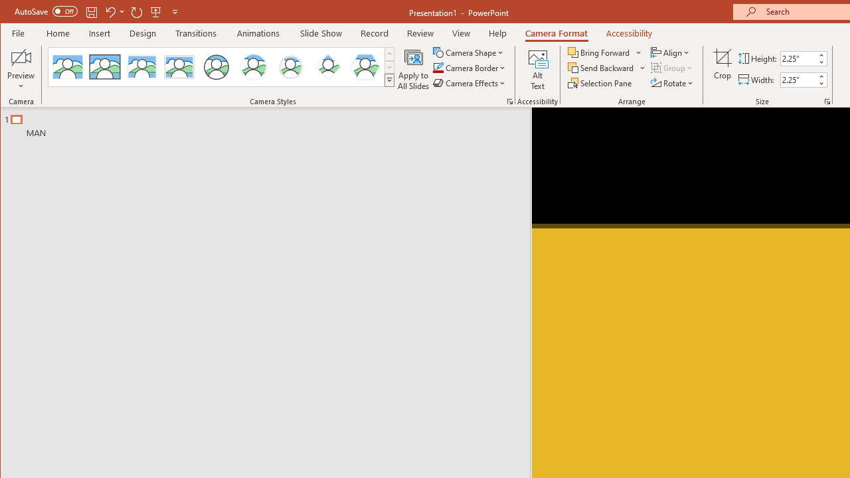  I want to click on 'Crop', so click(722, 69).